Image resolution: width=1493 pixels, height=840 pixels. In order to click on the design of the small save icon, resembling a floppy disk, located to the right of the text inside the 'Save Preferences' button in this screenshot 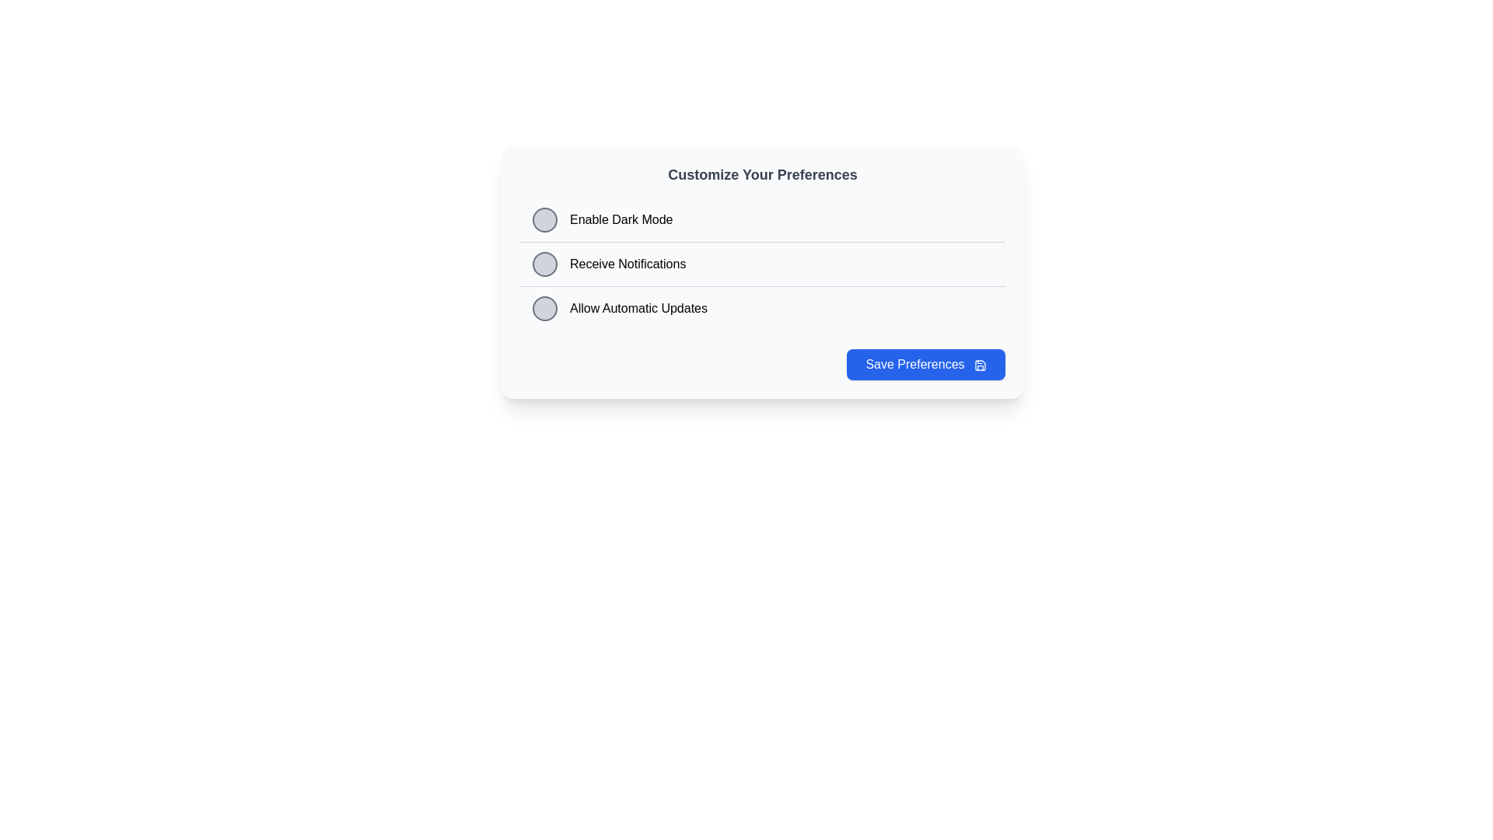, I will do `click(980, 365)`.